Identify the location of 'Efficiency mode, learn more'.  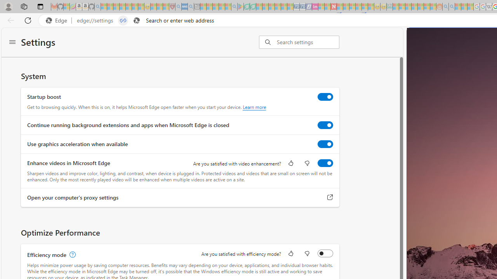
(71, 255).